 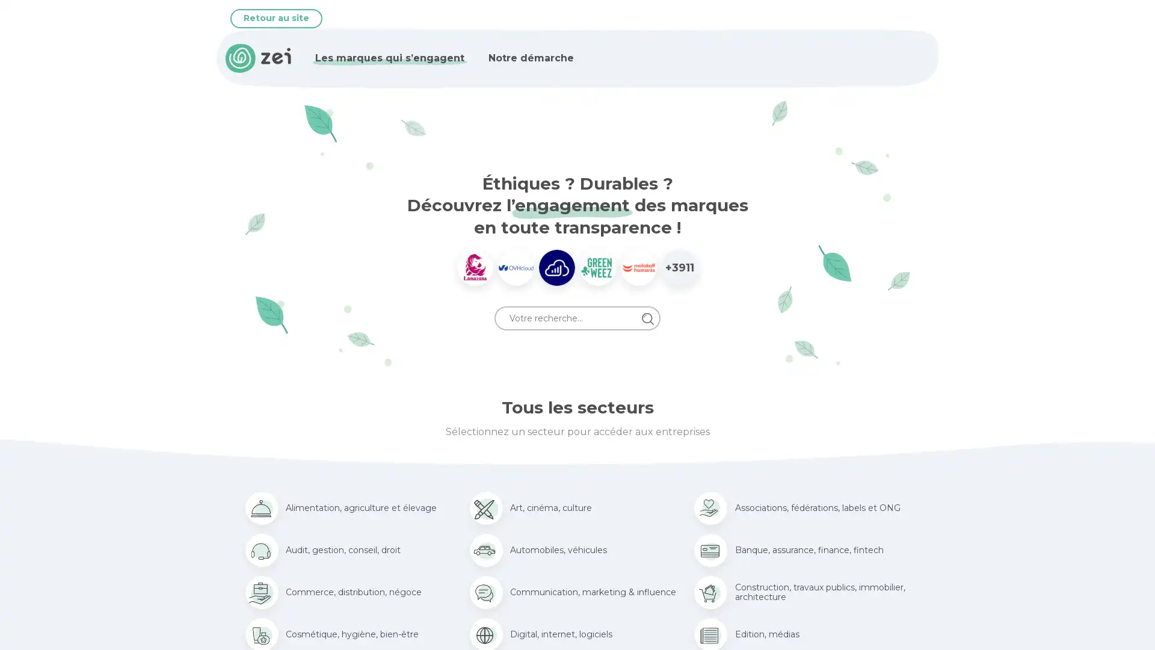 I want to click on Tout refuser, so click(x=218, y=569).